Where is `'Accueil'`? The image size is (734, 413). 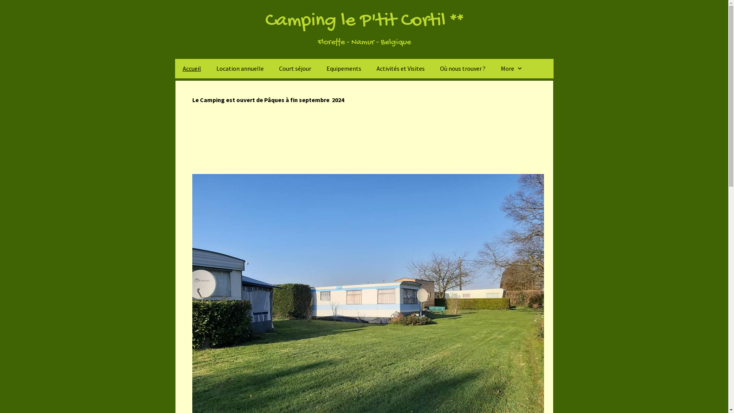 'Accueil' is located at coordinates (192, 68).